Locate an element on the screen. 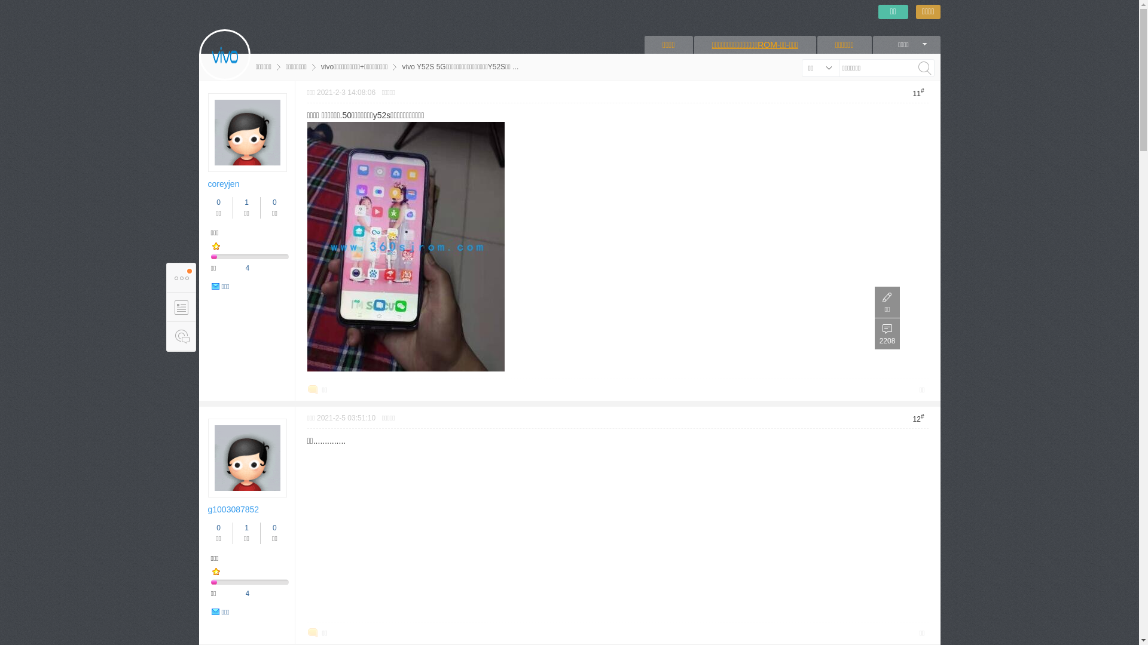 This screenshot has width=1148, height=645. '0' is located at coordinates (274, 527).